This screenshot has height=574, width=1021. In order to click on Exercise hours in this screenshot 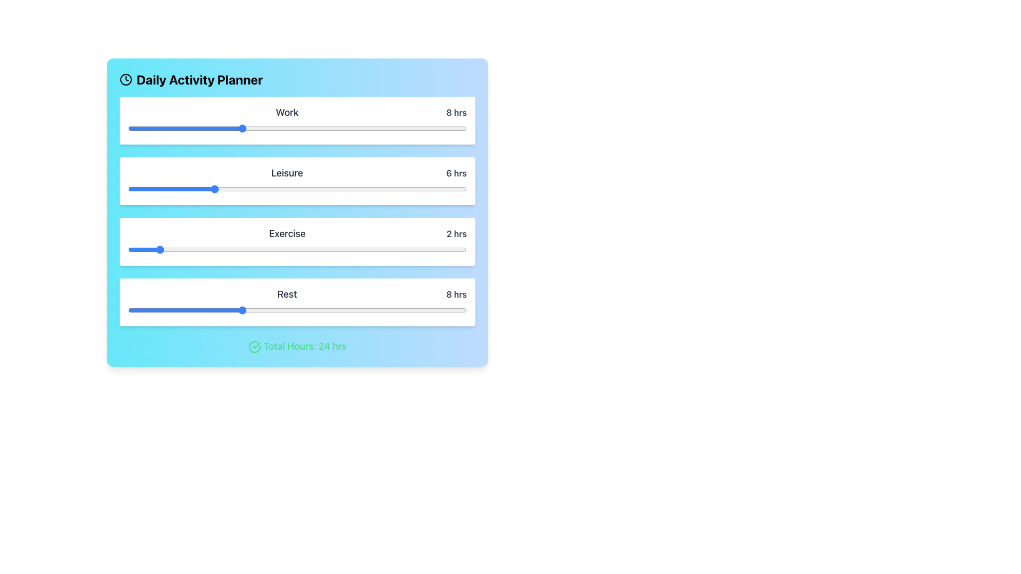, I will do `click(254, 250)`.